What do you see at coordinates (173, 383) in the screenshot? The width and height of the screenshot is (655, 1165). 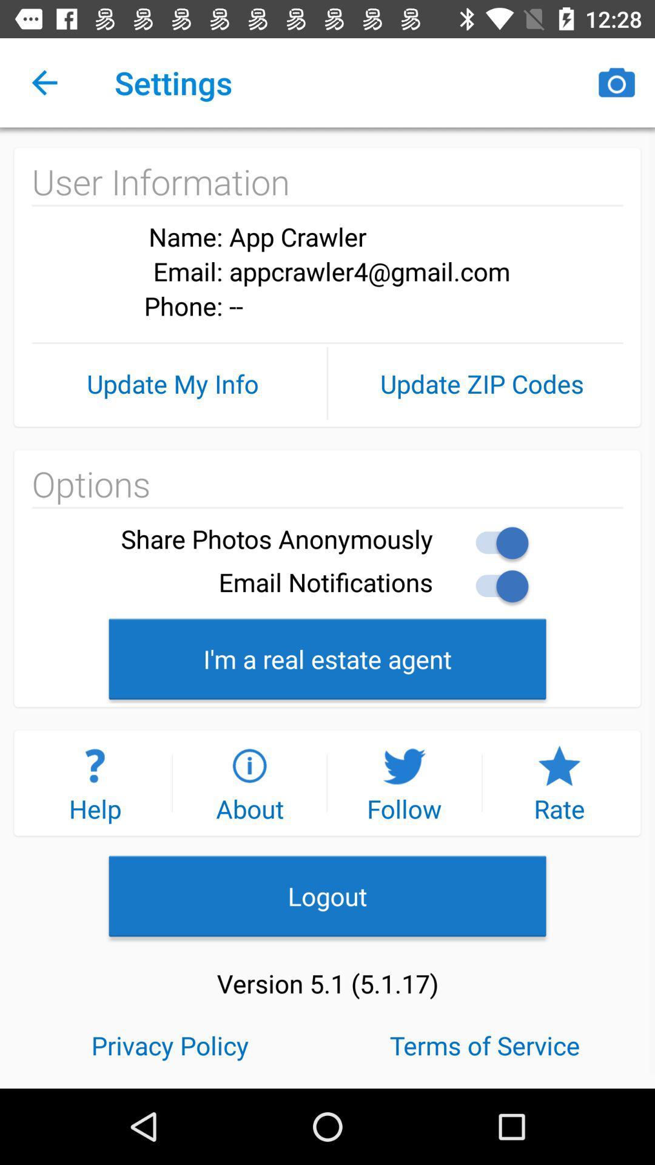 I see `update my info icon` at bounding box center [173, 383].